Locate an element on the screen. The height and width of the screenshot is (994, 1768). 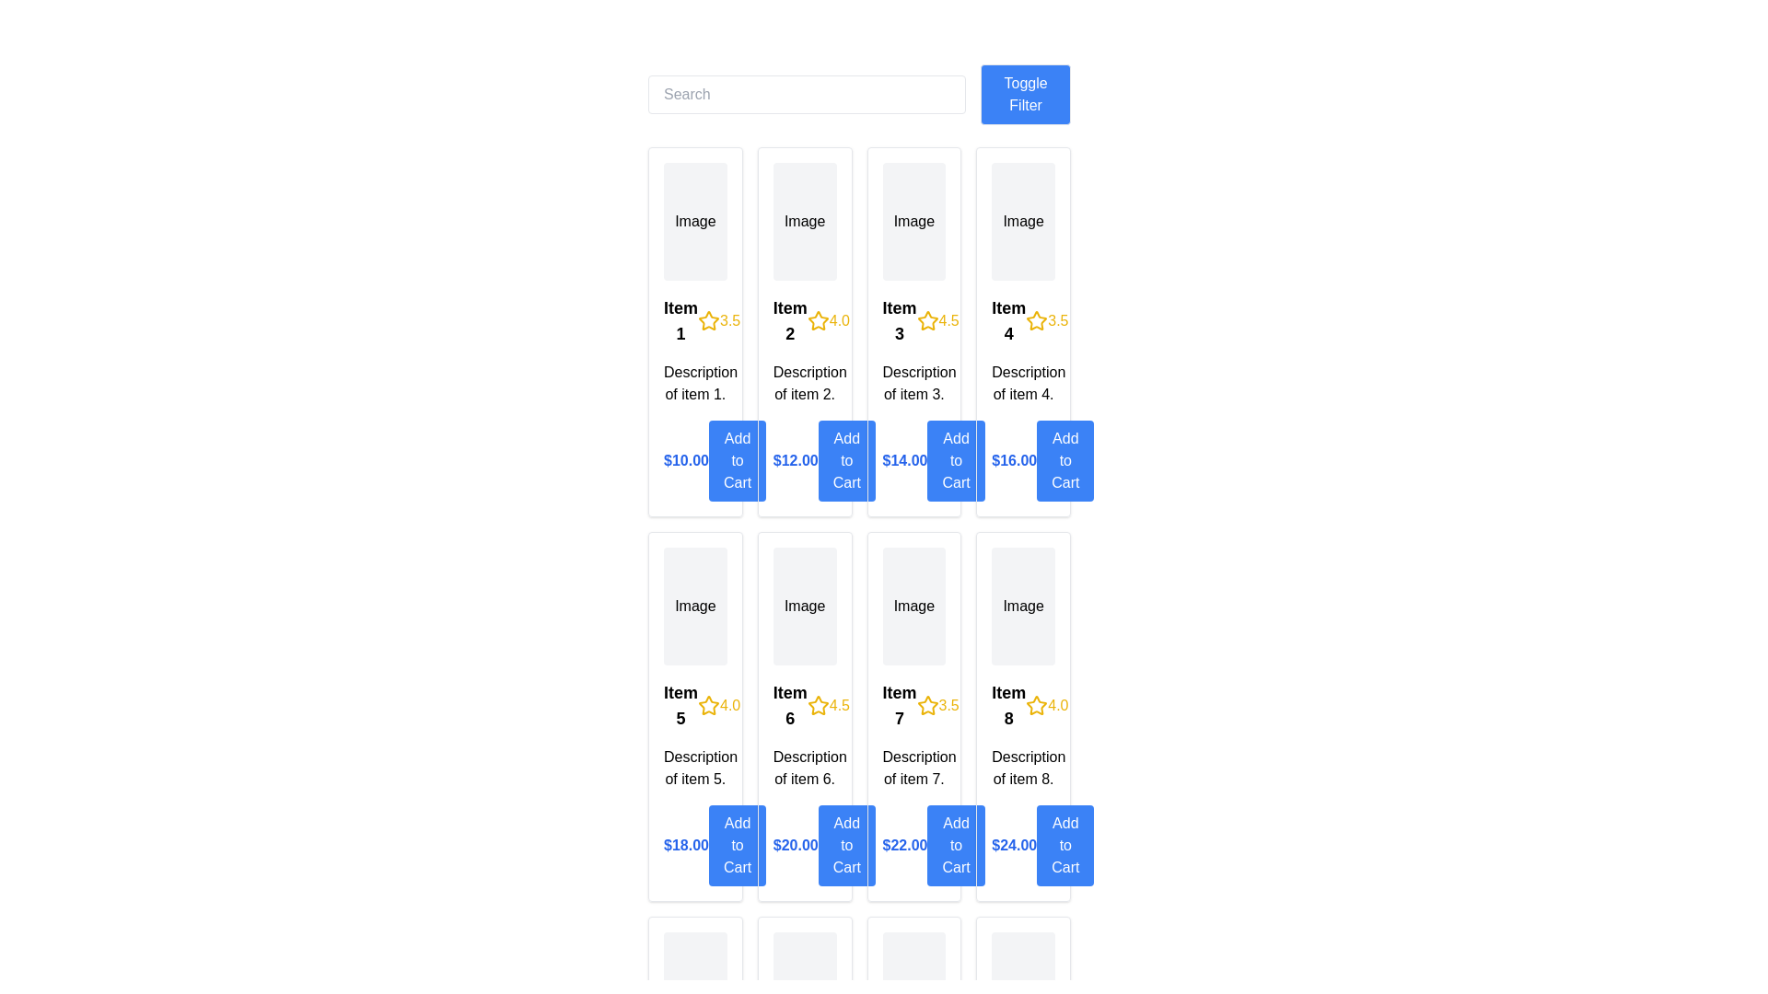
the price text label located above the blue 'Add to Cart' button and below the description of 'Item 1' in the lower portion of the first product panel is located at coordinates (685, 460).